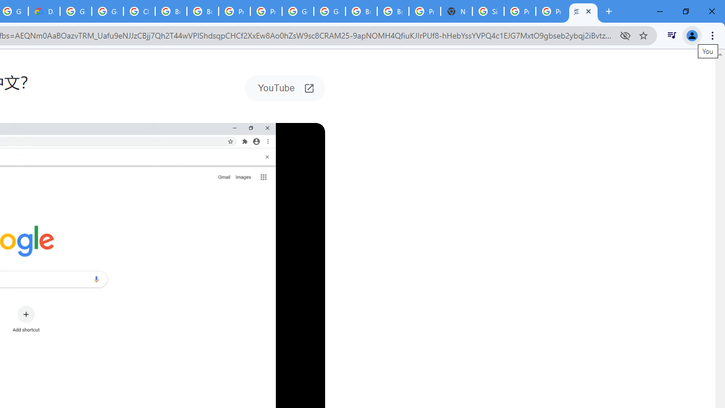 Image resolution: width=725 pixels, height=408 pixels. I want to click on 'Control your music, videos, and more', so click(671, 35).